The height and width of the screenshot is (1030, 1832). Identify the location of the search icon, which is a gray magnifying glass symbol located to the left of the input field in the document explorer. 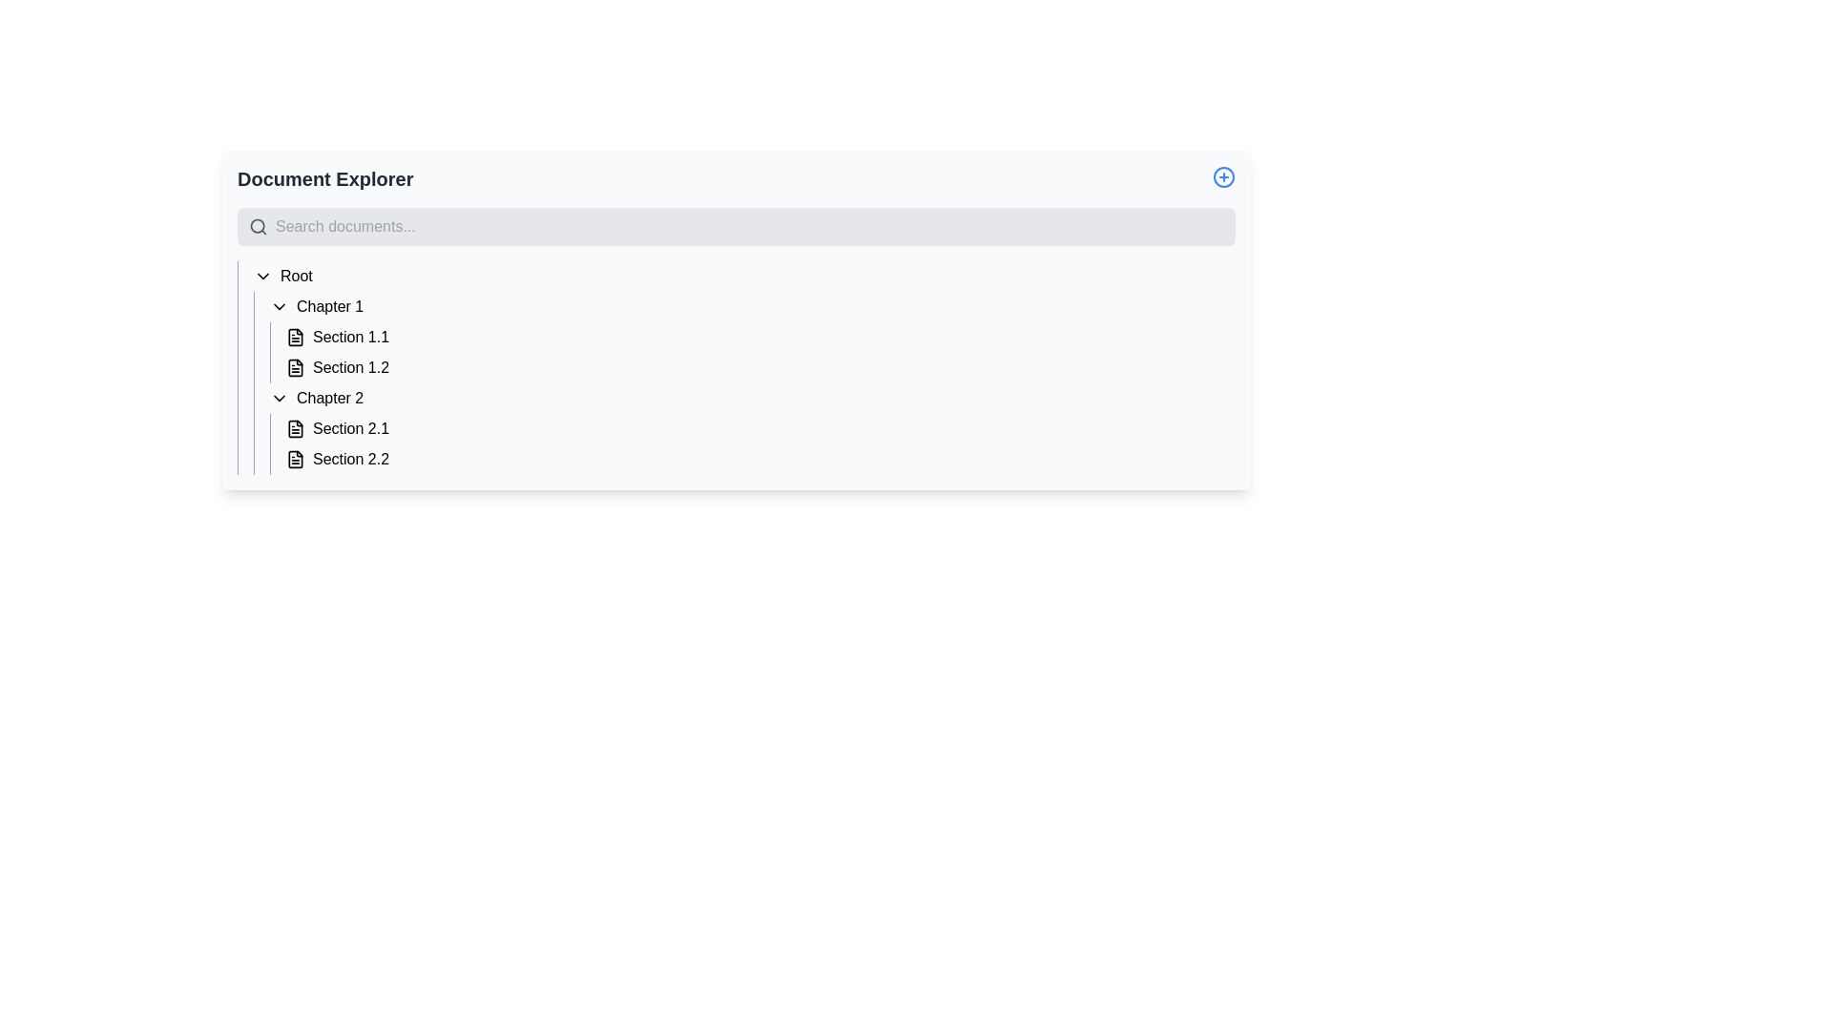
(257, 226).